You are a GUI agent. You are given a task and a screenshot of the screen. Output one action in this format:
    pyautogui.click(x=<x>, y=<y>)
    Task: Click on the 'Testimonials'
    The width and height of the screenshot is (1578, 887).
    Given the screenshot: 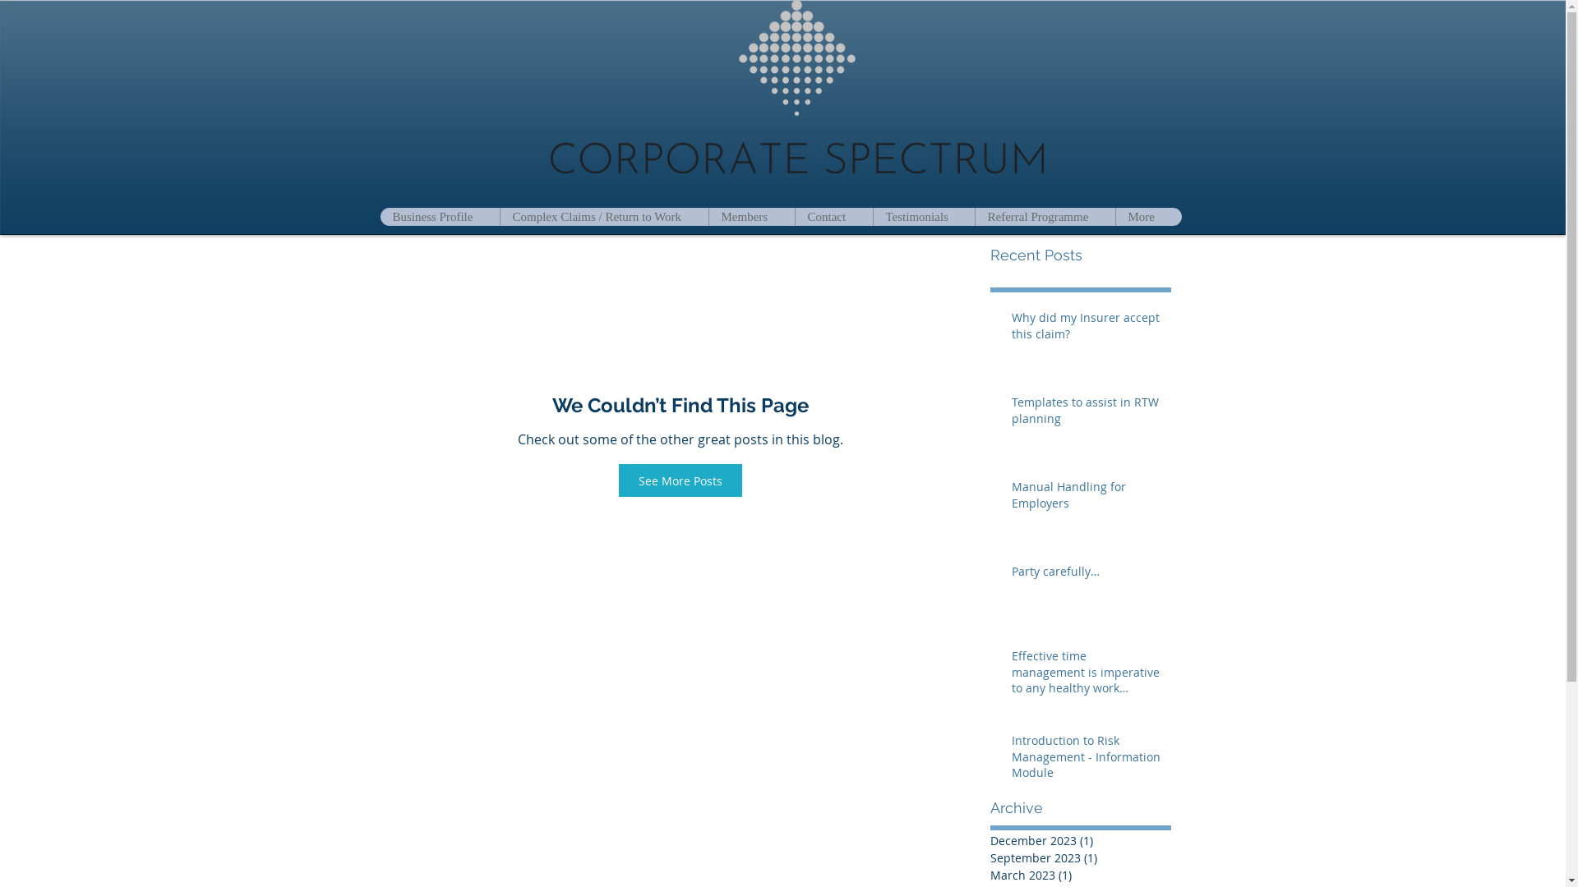 What is the action you would take?
    pyautogui.click(x=923, y=215)
    